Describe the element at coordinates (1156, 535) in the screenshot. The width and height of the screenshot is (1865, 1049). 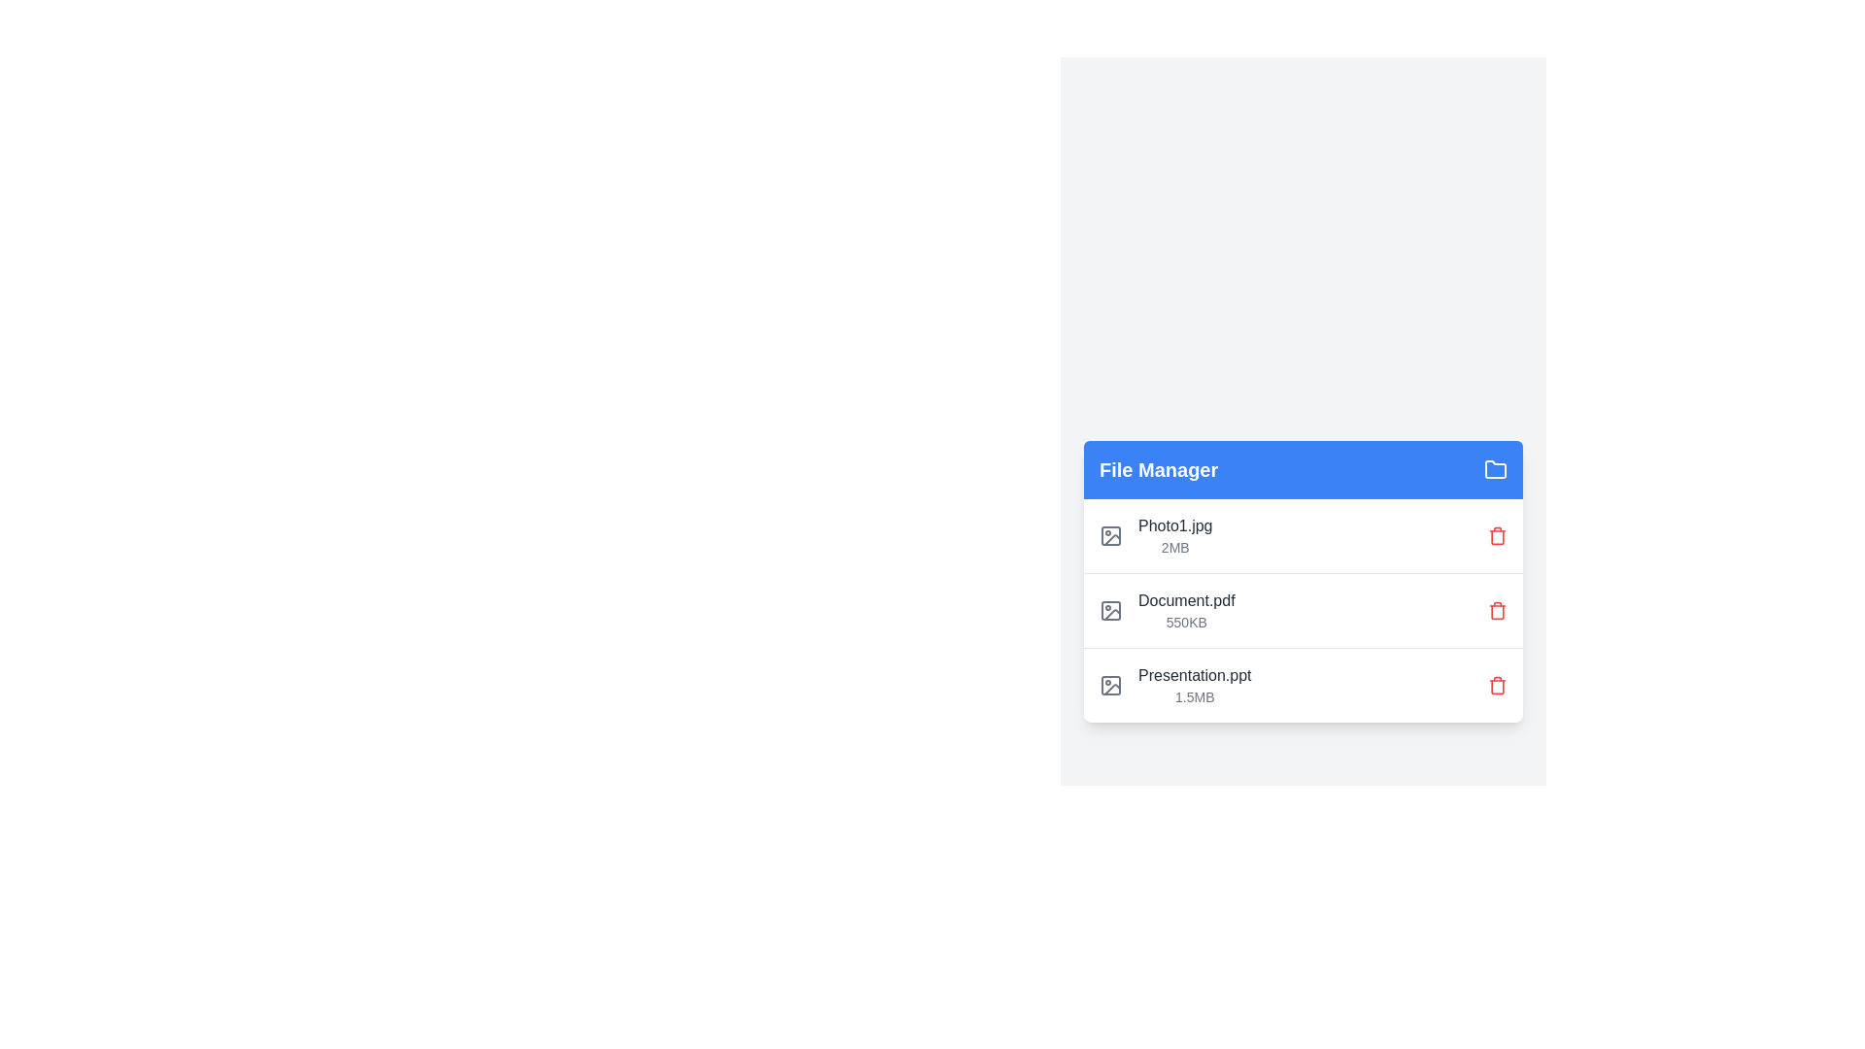
I see `the first list item representing the file entry for 'Photo1.jpg'` at that location.